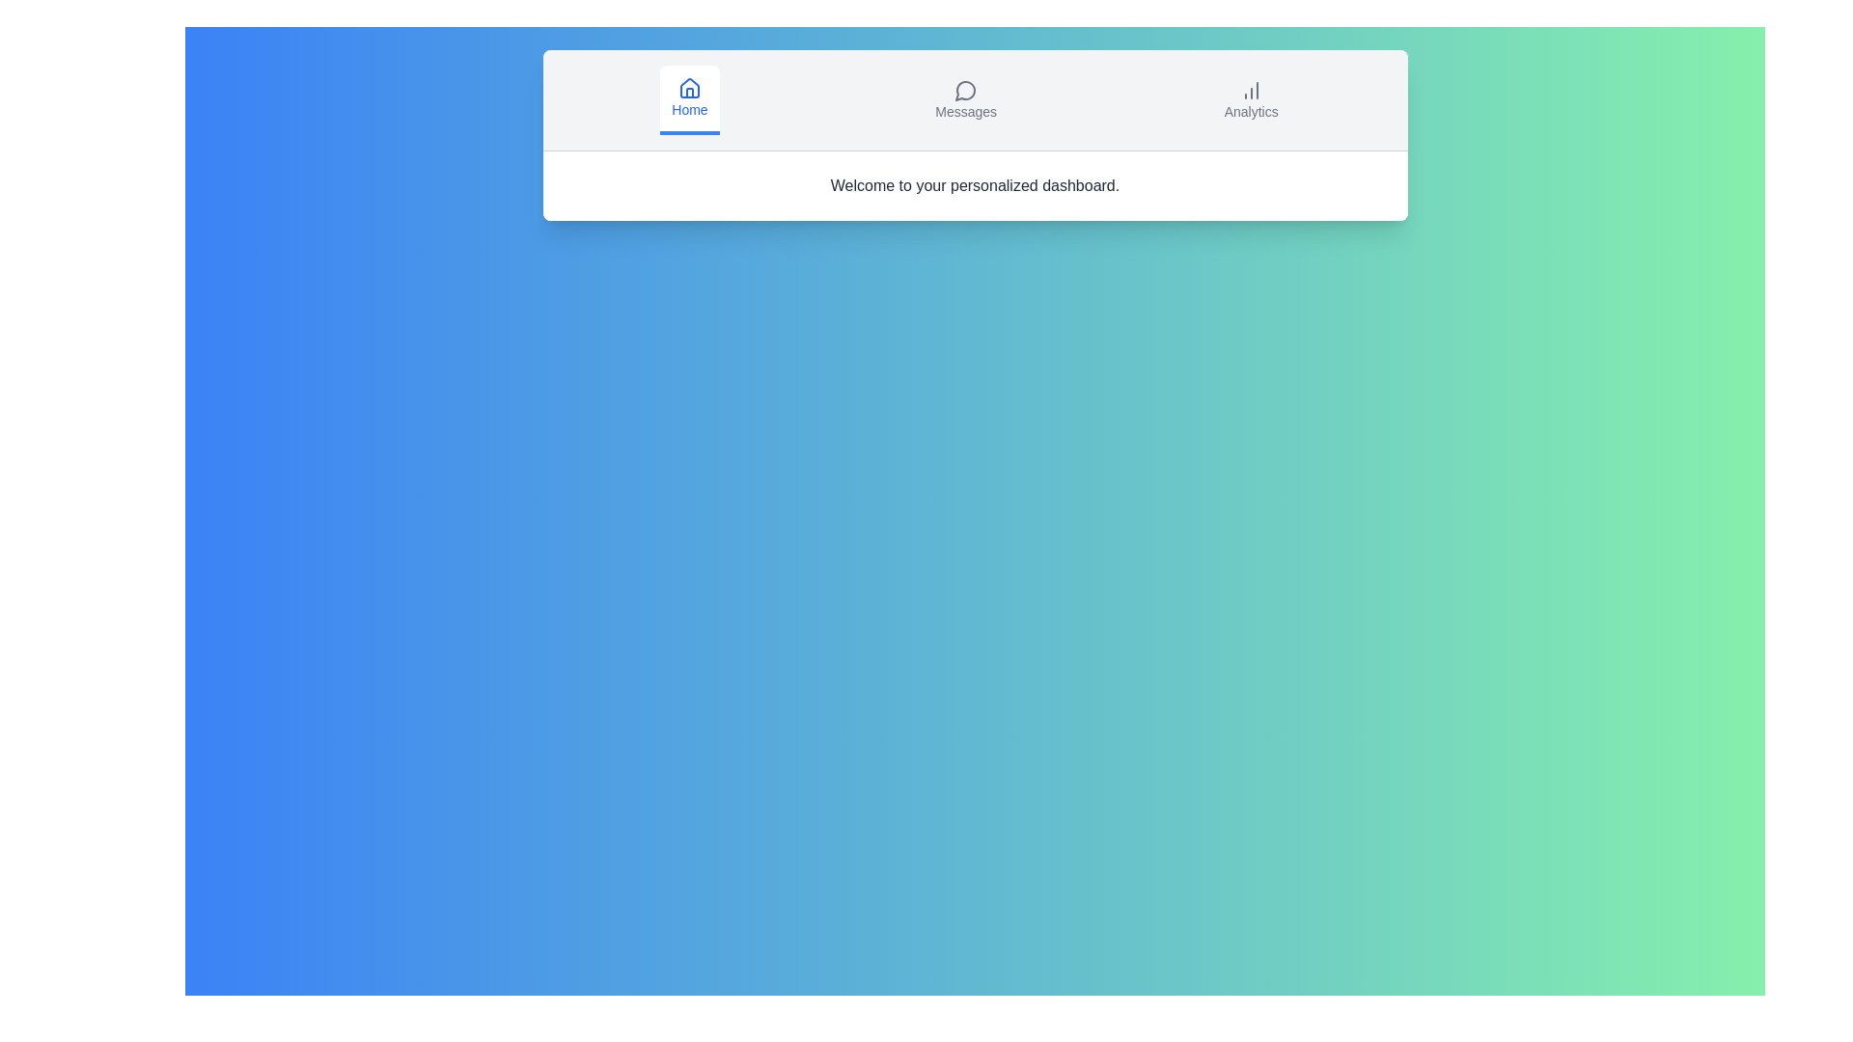 This screenshot has height=1042, width=1853. What do you see at coordinates (1251, 100) in the screenshot?
I see `the tab button labeled Analytics to view its hover effect` at bounding box center [1251, 100].